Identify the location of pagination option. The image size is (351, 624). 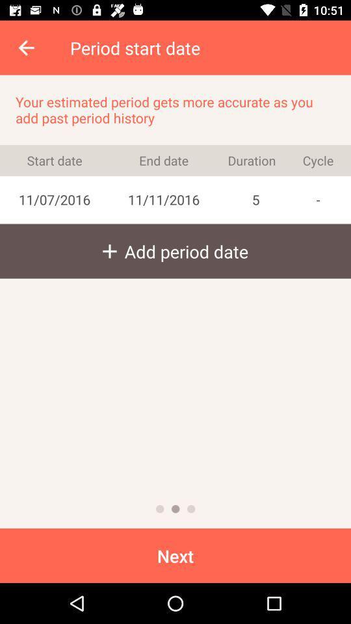
(160, 509).